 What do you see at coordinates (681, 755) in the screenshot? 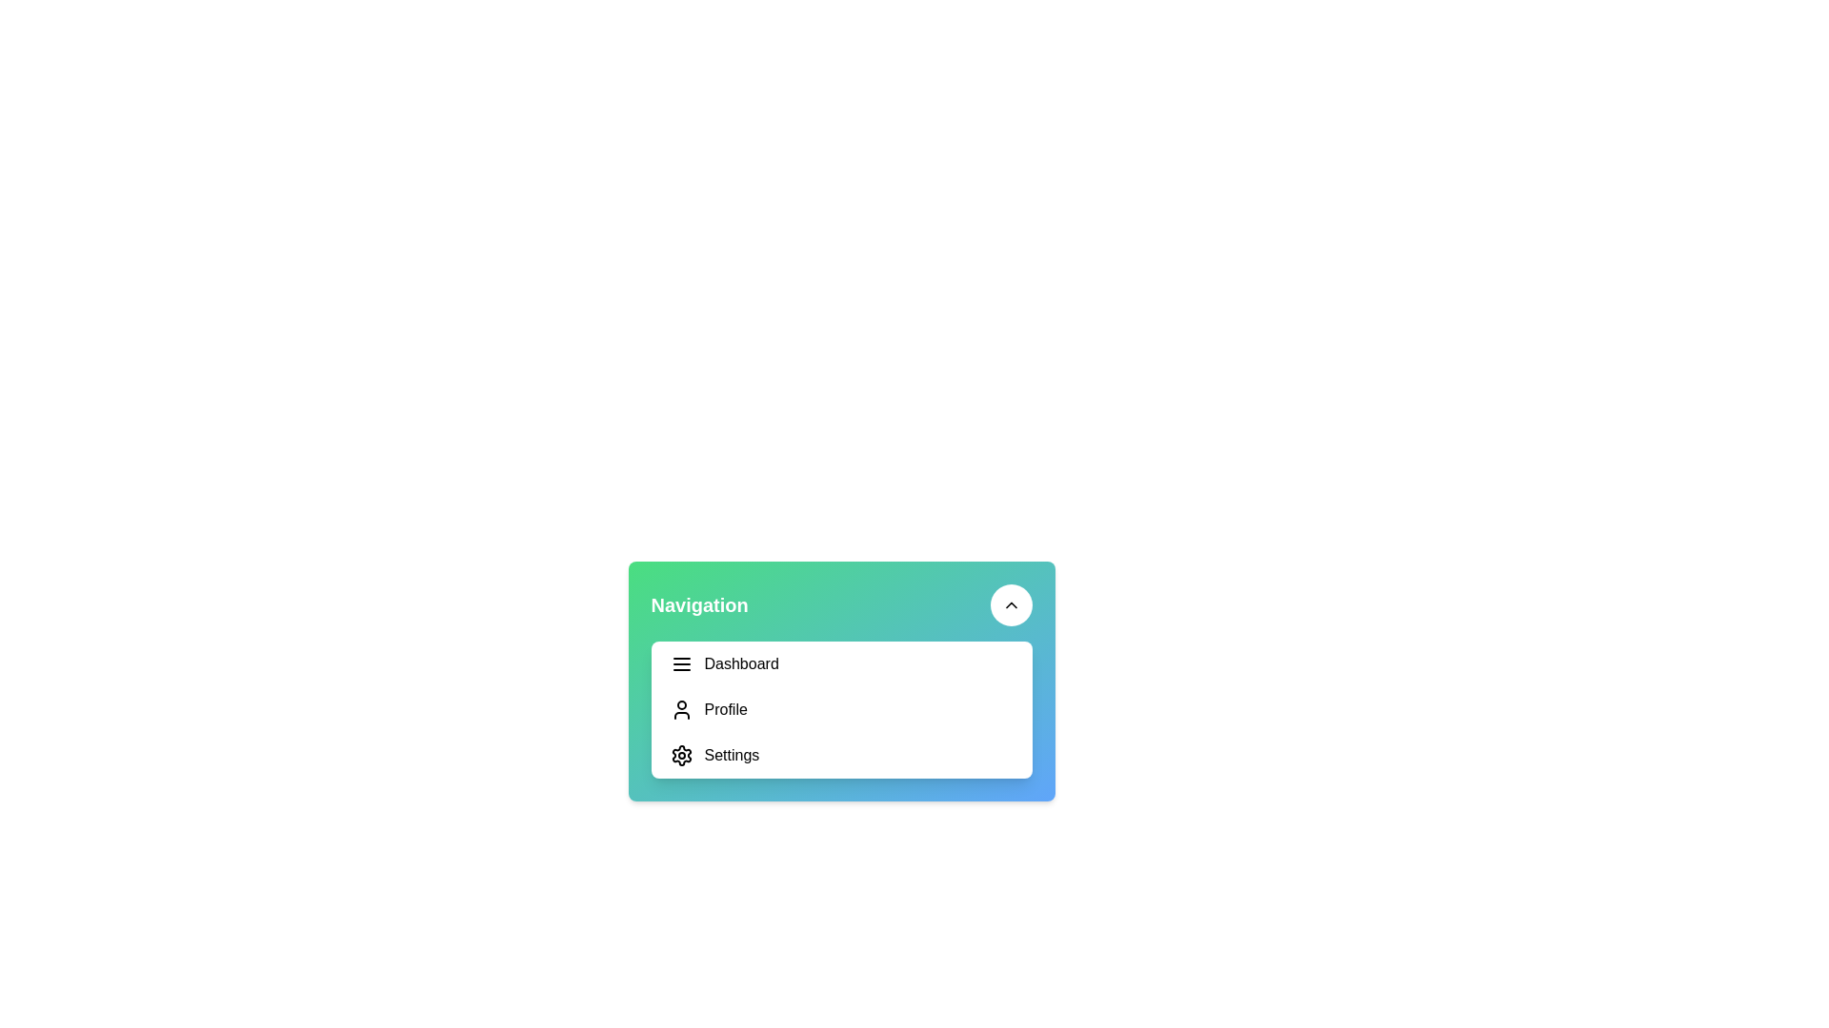
I see `the 'Settings' icon located to the left of the 'Settings' text in the navigation list` at bounding box center [681, 755].